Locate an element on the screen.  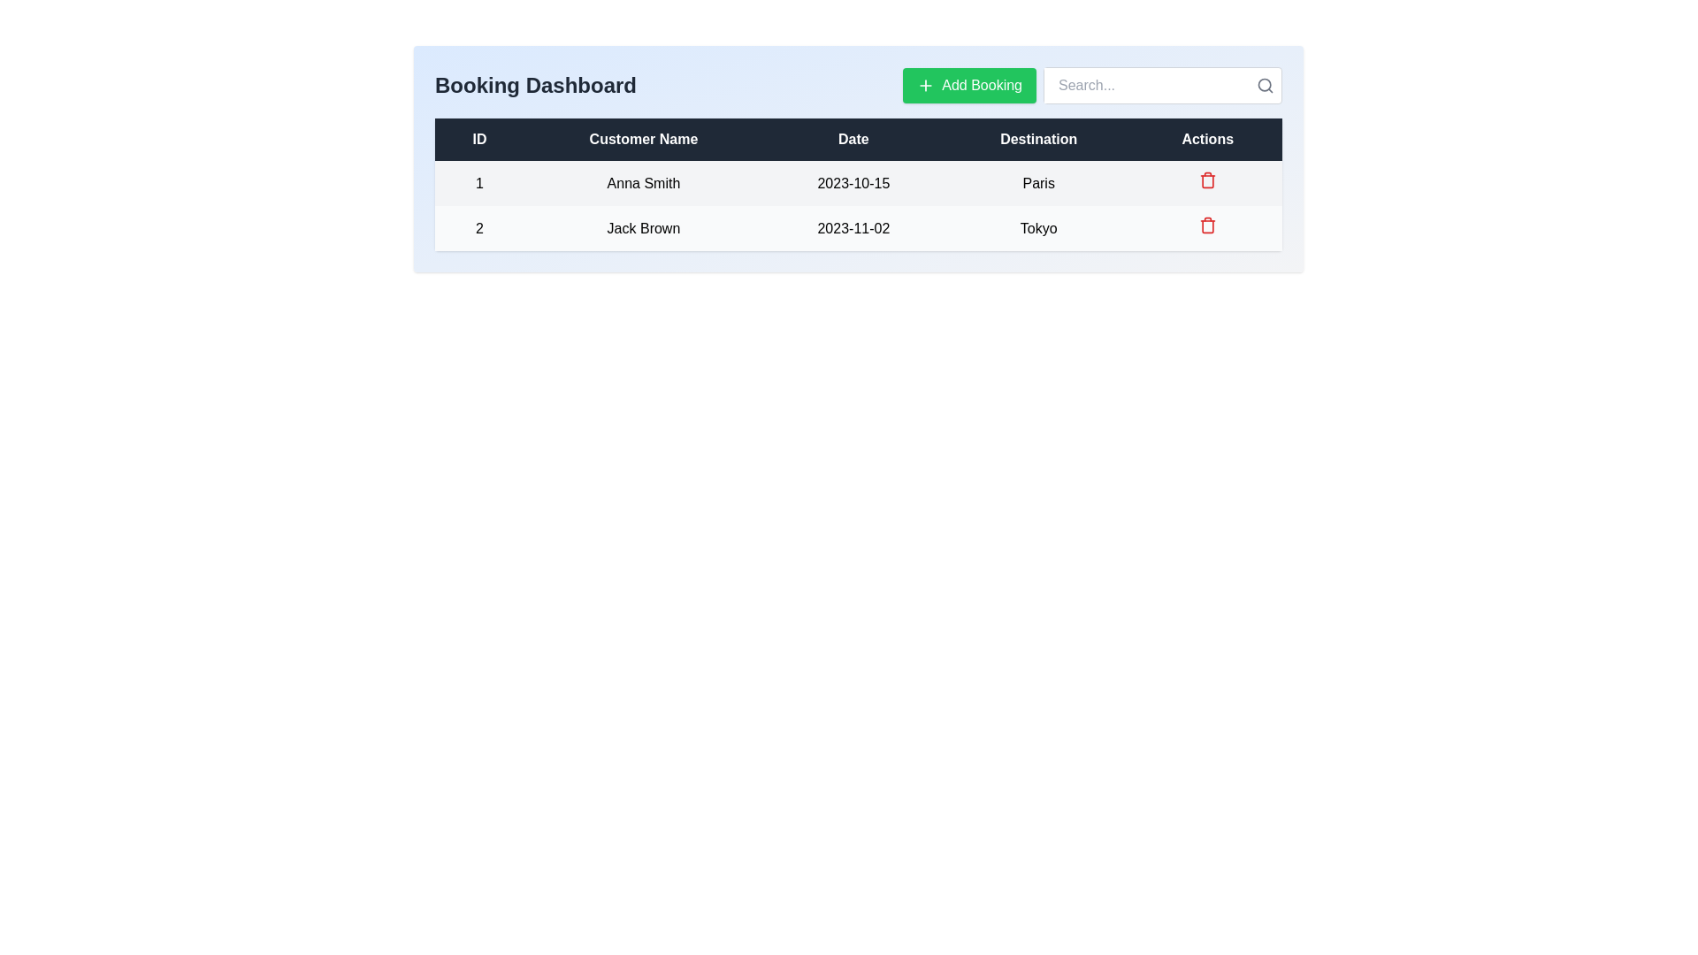
the 'Delete' button in the second row of the 'Actions' column is located at coordinates (1206, 180).